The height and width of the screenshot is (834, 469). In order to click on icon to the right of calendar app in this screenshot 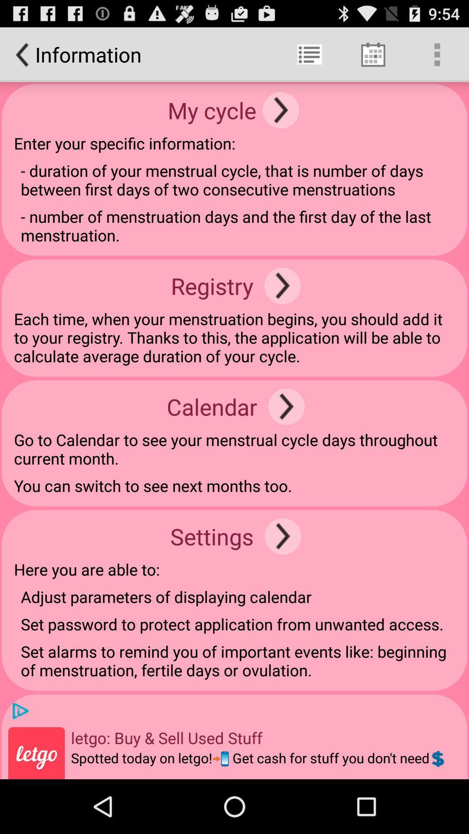, I will do `click(286, 406)`.